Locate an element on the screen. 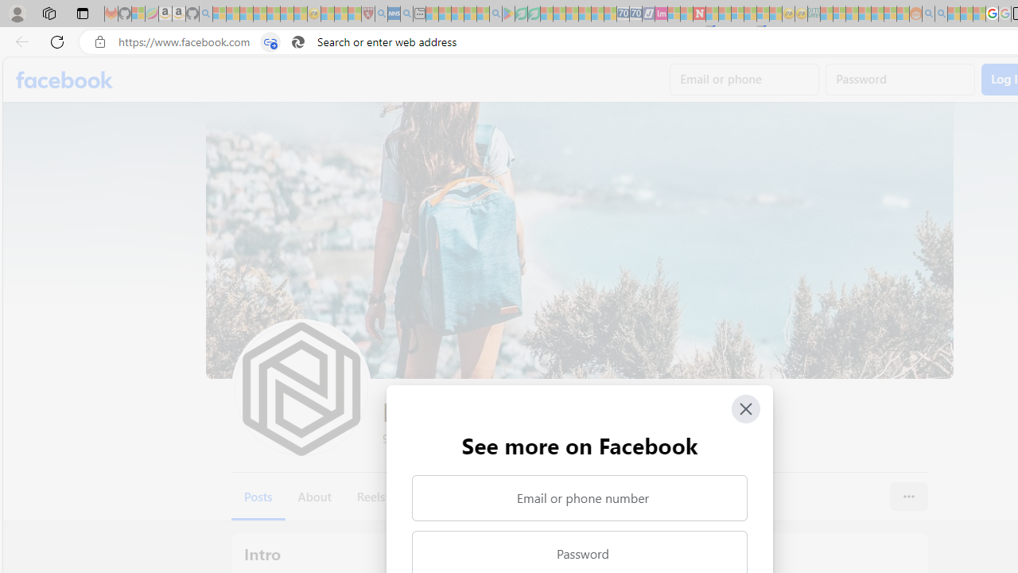  'Email or phone number' is located at coordinates (578, 497).